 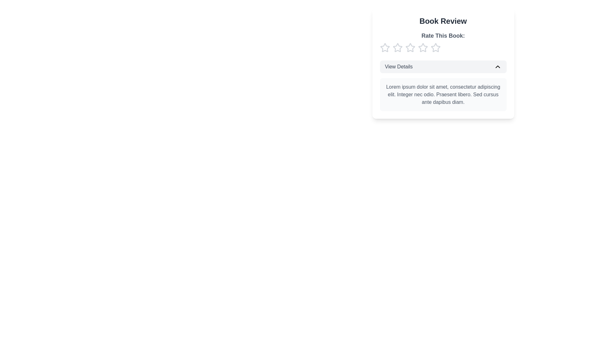 What do you see at coordinates (422, 47) in the screenshot?
I see `the second star icon in the star rating interface` at bounding box center [422, 47].